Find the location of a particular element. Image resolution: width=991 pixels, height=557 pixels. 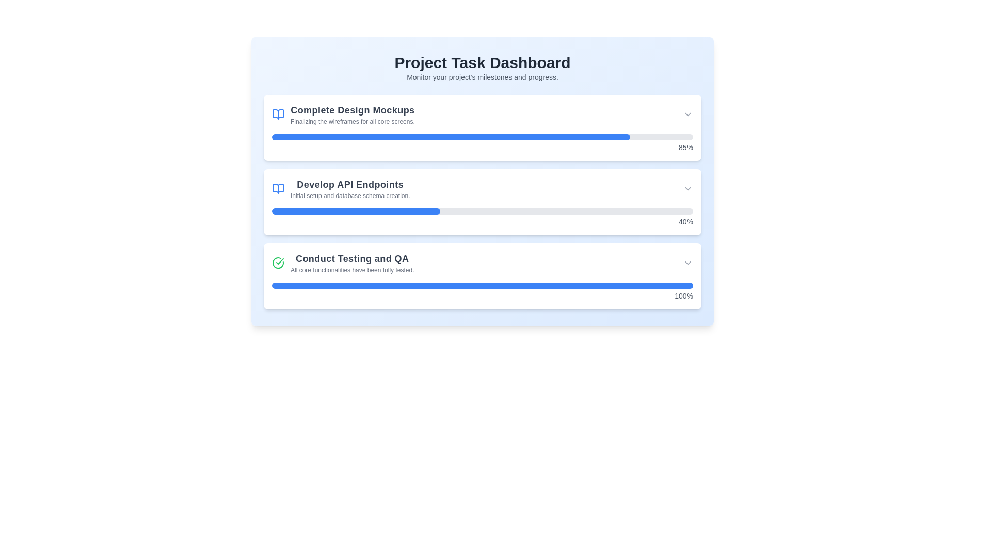

the text label displaying 'Develop API Endpoints', which is a bold, large-sized dark gray text on a light background, located in the second card from the top is located at coordinates (350, 184).